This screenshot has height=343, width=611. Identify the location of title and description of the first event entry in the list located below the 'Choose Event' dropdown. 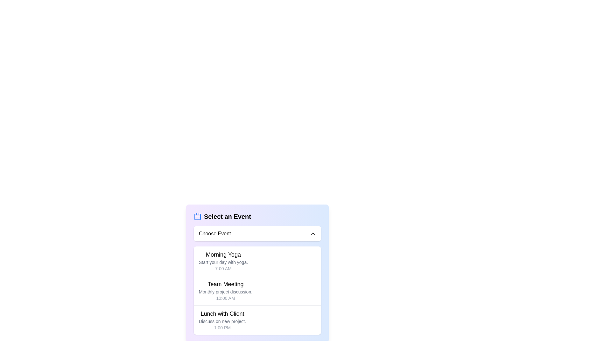
(223, 261).